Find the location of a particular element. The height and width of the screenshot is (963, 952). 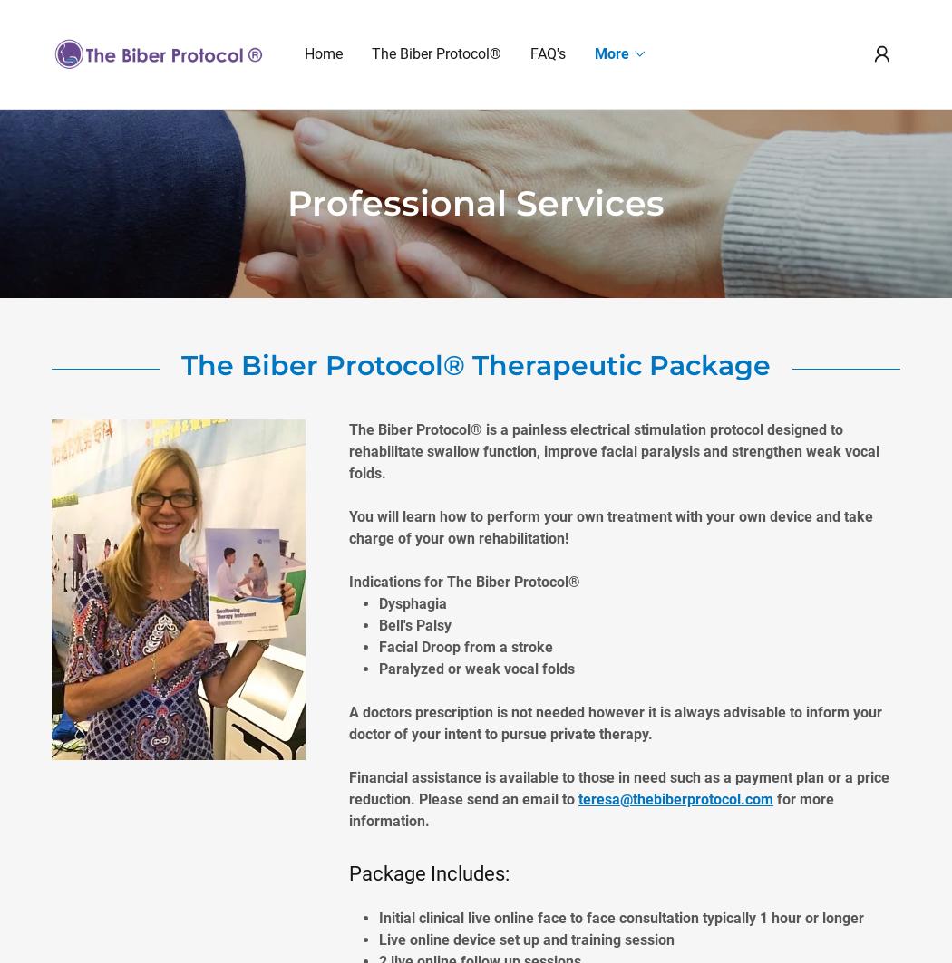

'More' is located at coordinates (612, 53).